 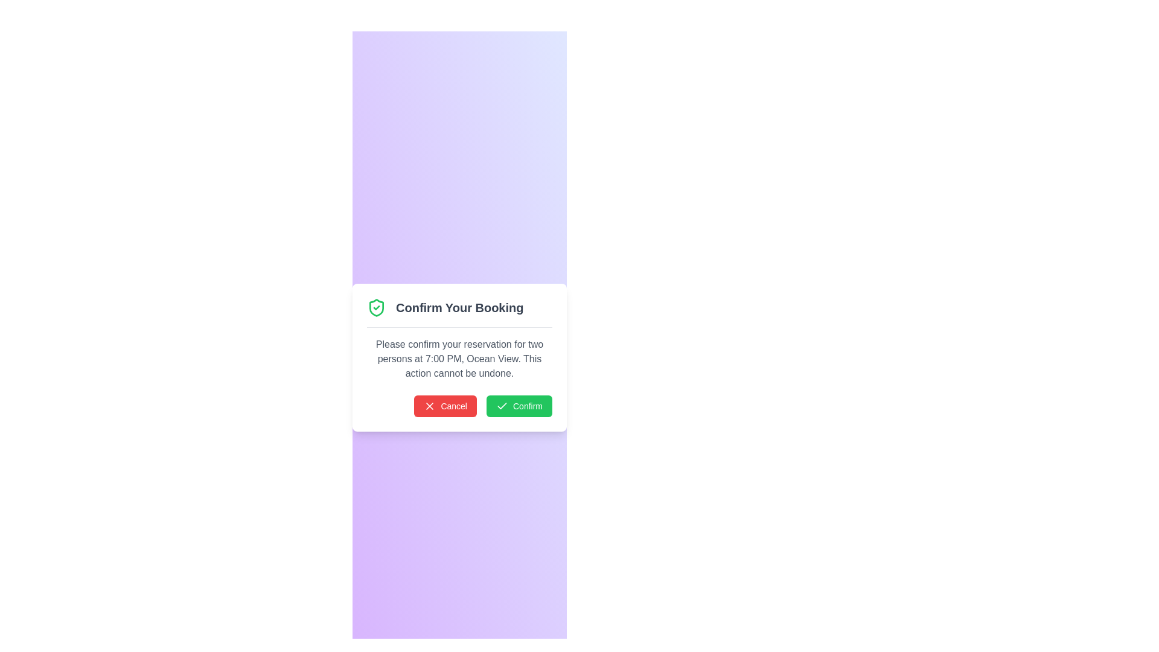 I want to click on the confirmation icon located at the left side of the 'Confirm Your Booking' section for visual confirmation of a positive action, so click(x=376, y=307).